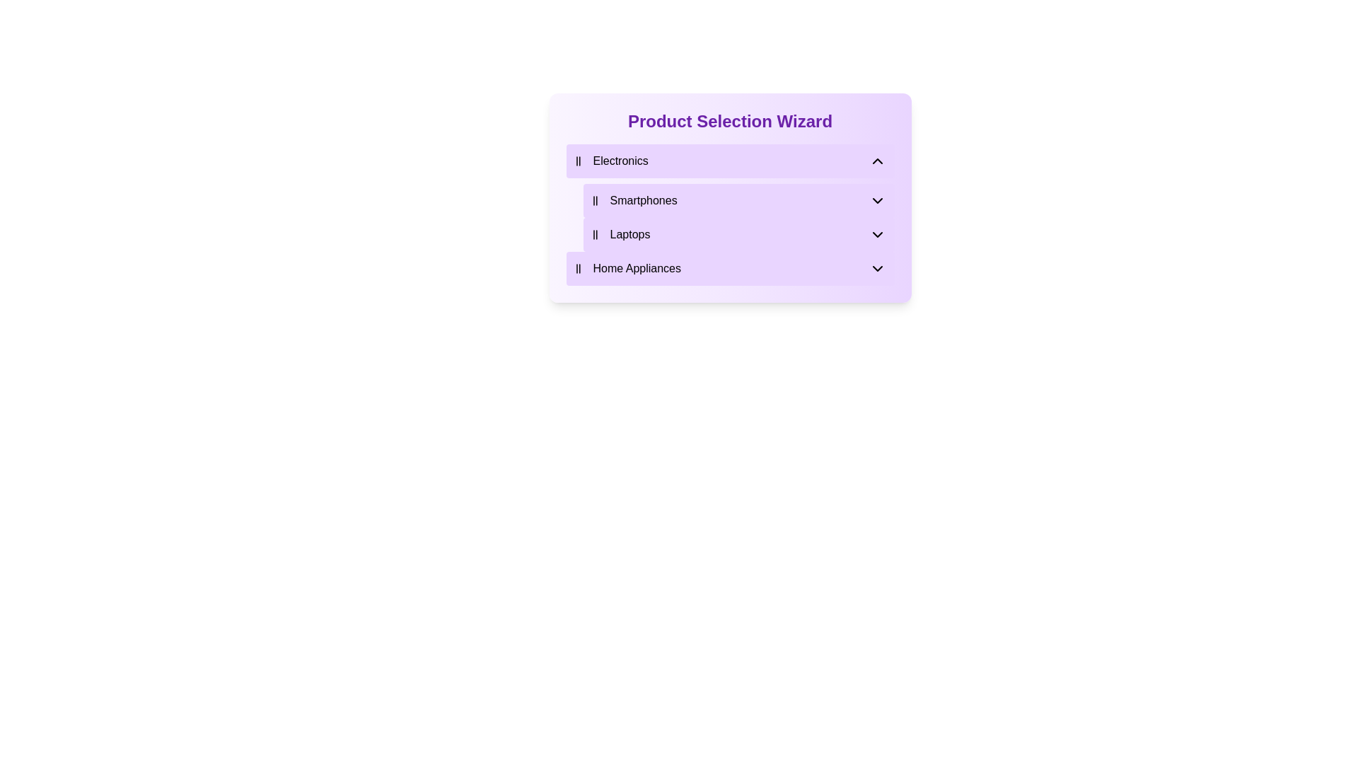 The height and width of the screenshot is (764, 1358). What do you see at coordinates (876, 160) in the screenshot?
I see `the Chevron icon at the far-right end of the 'Electronics' row` at bounding box center [876, 160].